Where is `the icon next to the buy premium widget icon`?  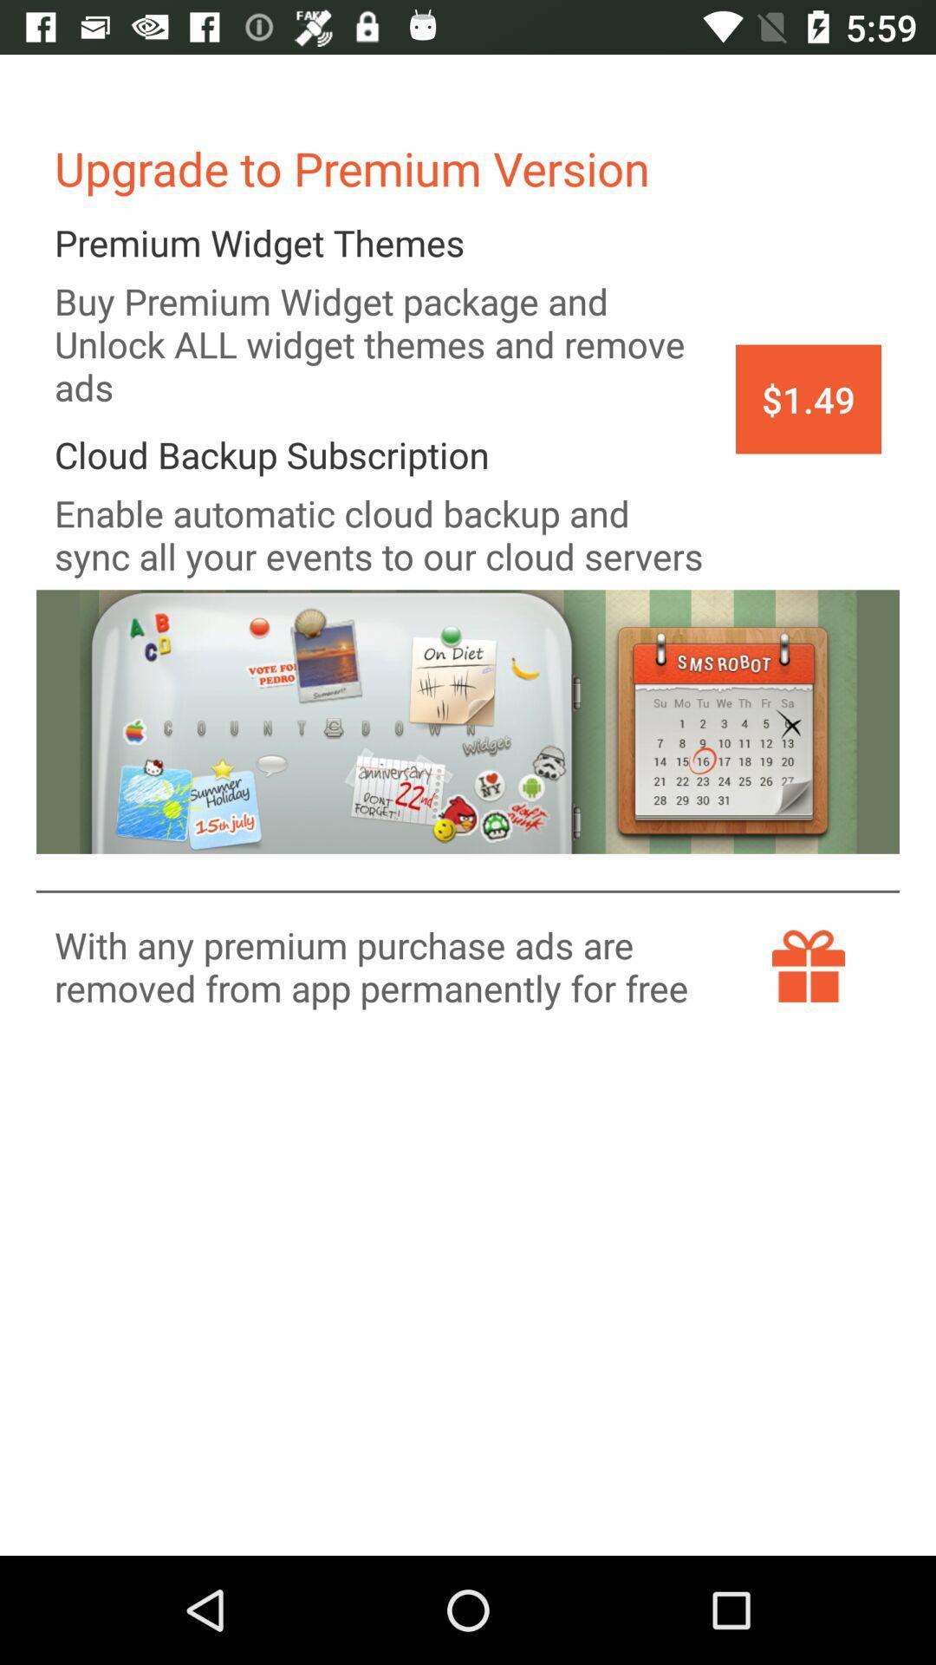 the icon next to the buy premium widget icon is located at coordinates (809, 398).